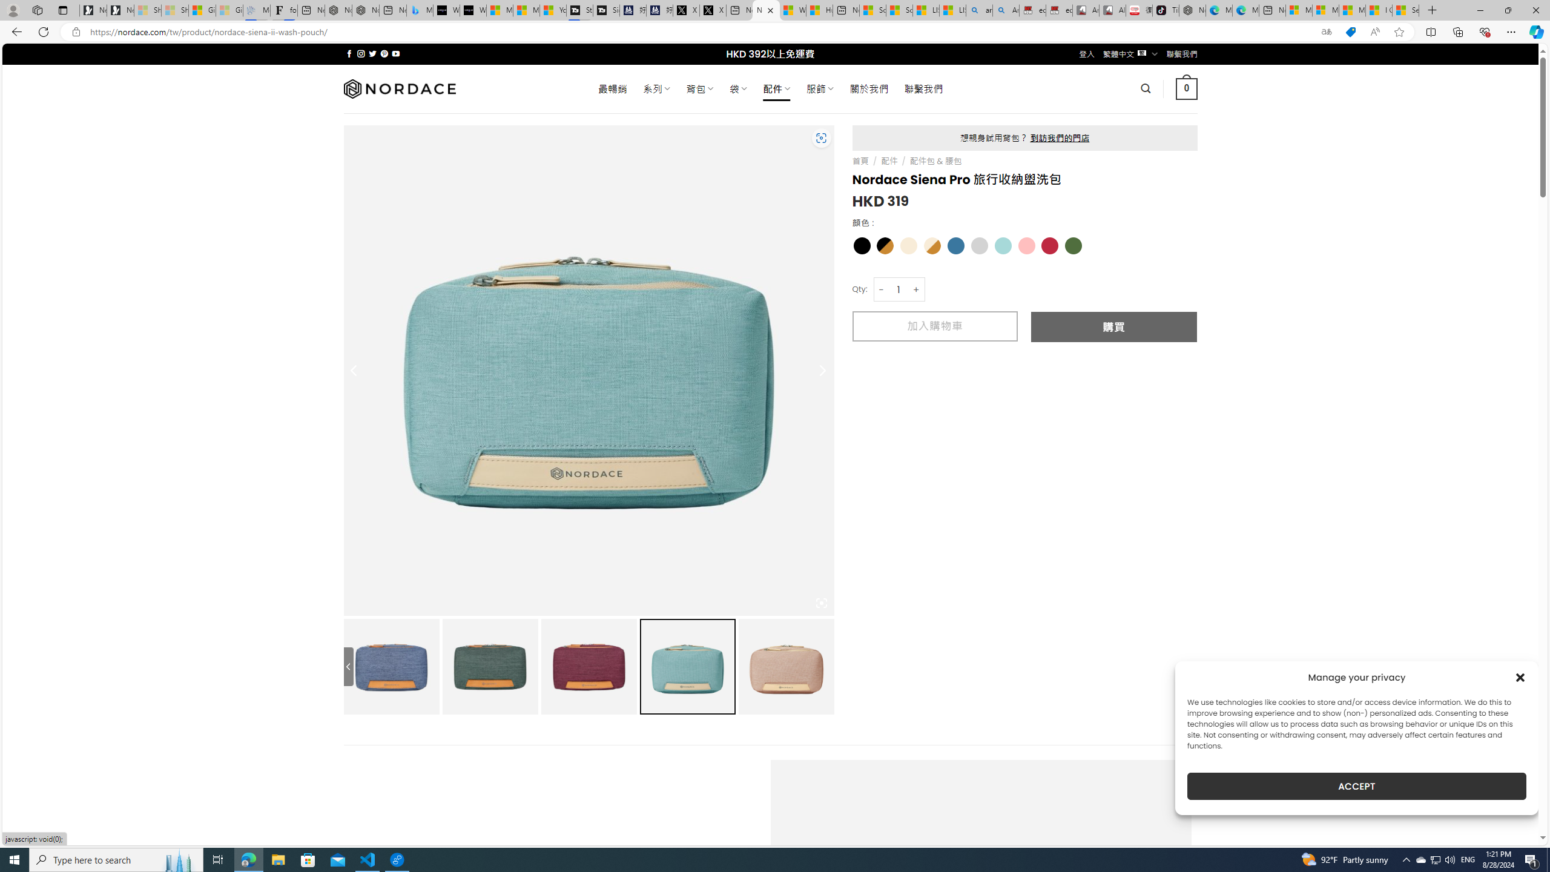 The width and height of the screenshot is (1550, 872). I want to click on 'Streaming Coverage | T3', so click(579, 10).